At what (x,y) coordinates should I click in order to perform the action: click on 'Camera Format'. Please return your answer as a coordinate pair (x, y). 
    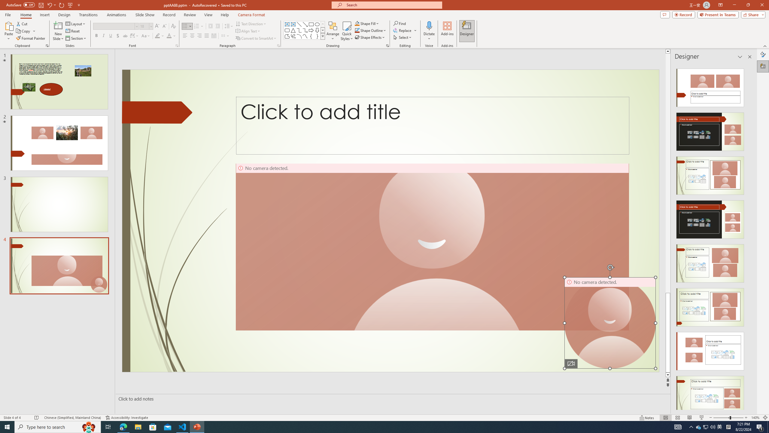
    Looking at the image, I should click on (251, 15).